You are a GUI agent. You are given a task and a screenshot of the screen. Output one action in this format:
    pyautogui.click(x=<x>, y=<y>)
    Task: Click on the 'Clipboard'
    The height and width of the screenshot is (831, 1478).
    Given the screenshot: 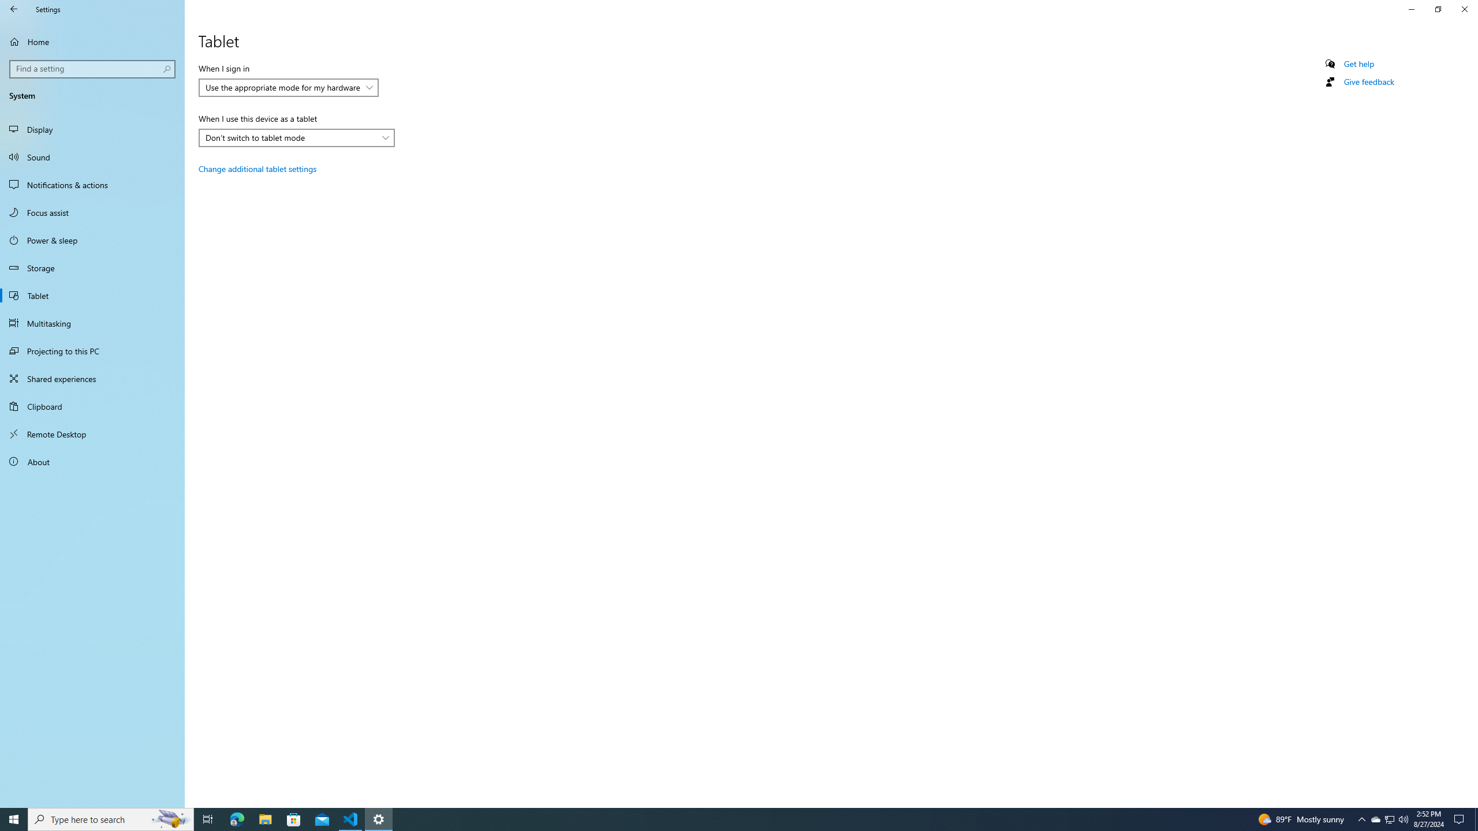 What is the action you would take?
    pyautogui.click(x=92, y=406)
    